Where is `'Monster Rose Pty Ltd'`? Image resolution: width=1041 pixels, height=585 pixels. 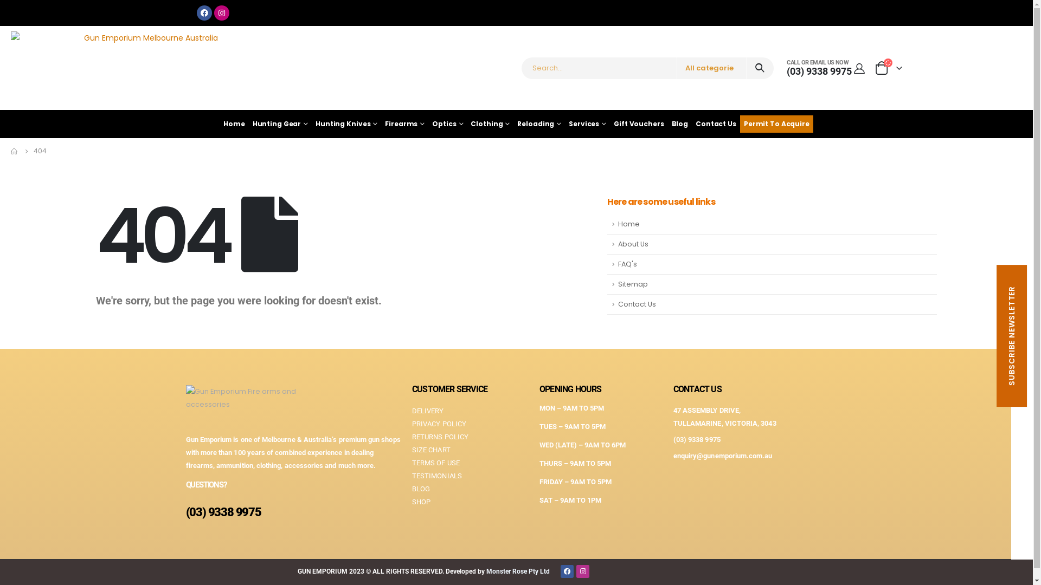 'Monster Rose Pty Ltd' is located at coordinates (517, 571).